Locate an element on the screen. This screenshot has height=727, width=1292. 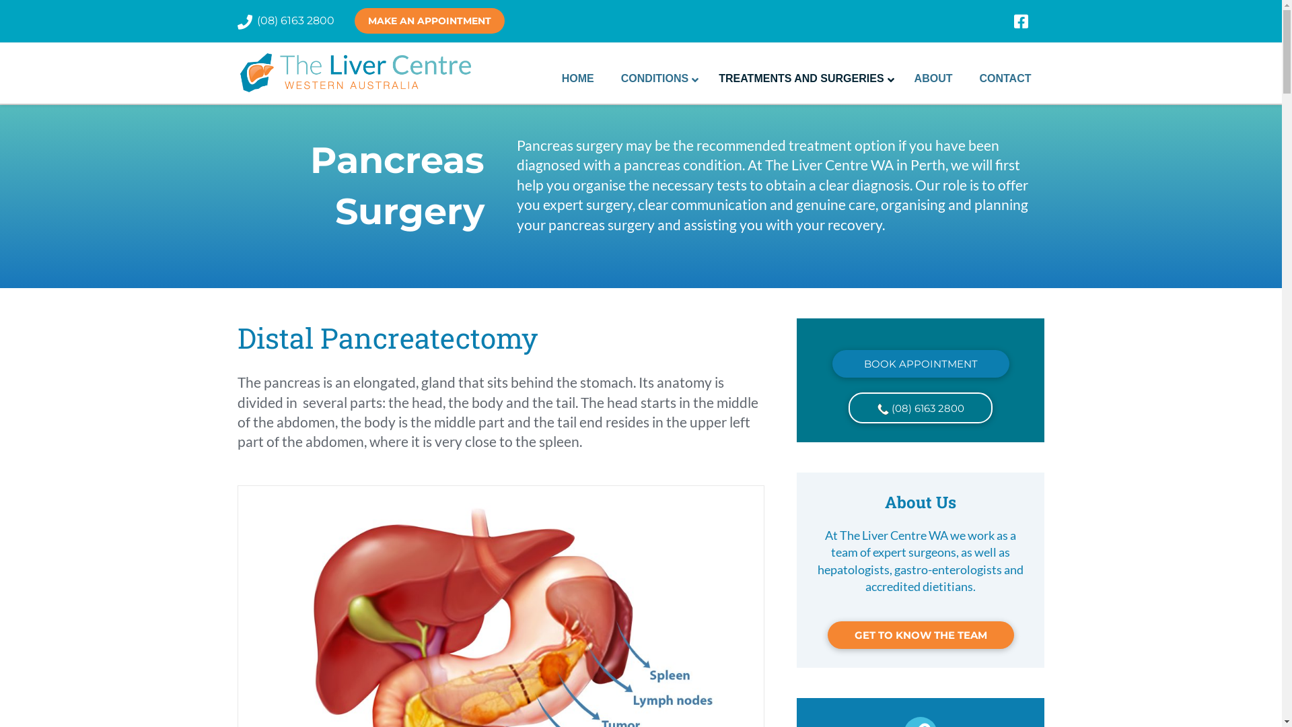
'ABOUT' is located at coordinates (901, 78).